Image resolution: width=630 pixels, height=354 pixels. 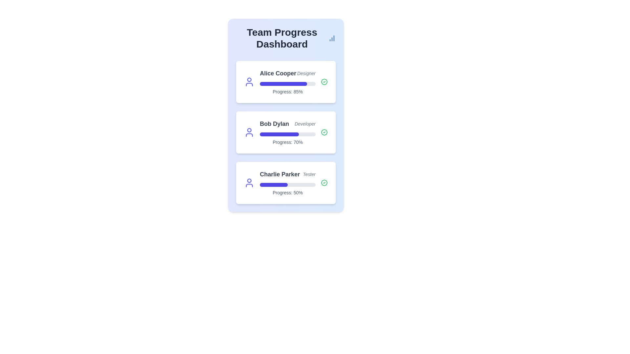 What do you see at coordinates (287, 73) in the screenshot?
I see `the text label displaying 'Alice Cooper' as the main name and 'Designer' as the role, located in the uppermost card on the dashboard` at bounding box center [287, 73].